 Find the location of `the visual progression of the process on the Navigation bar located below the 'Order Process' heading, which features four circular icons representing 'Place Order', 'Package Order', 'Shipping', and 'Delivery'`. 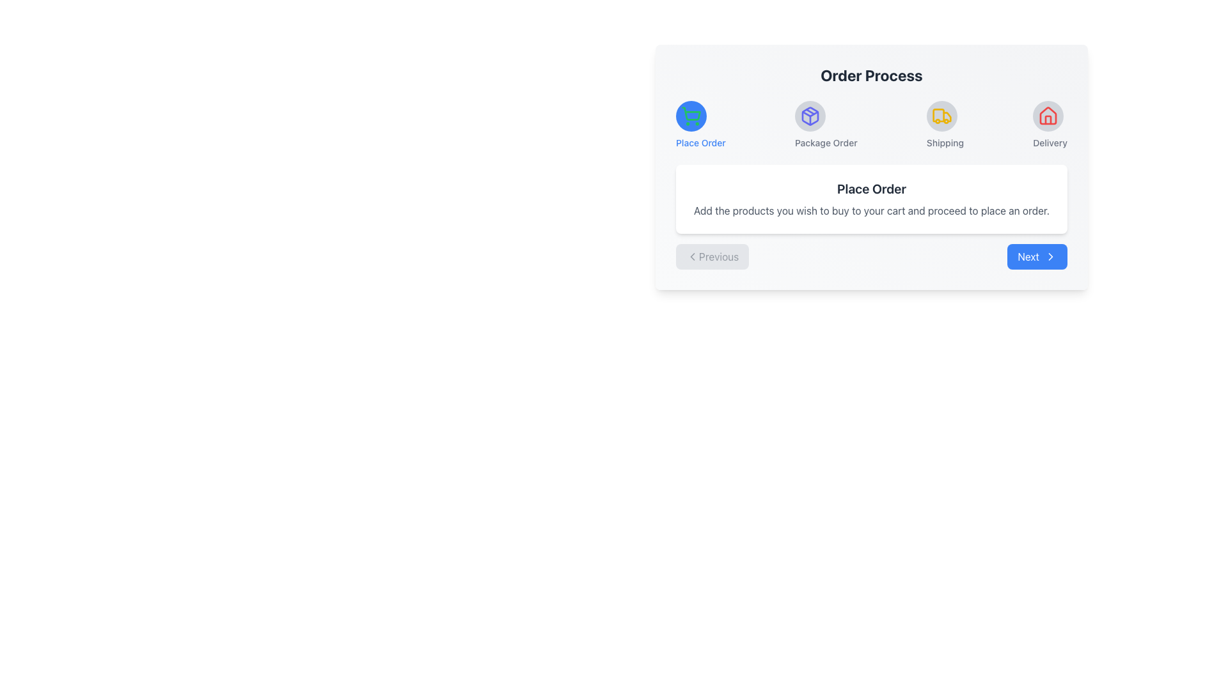

the visual progression of the process on the Navigation bar located below the 'Order Process' heading, which features four circular icons representing 'Place Order', 'Package Order', 'Shipping', and 'Delivery' is located at coordinates (871, 125).